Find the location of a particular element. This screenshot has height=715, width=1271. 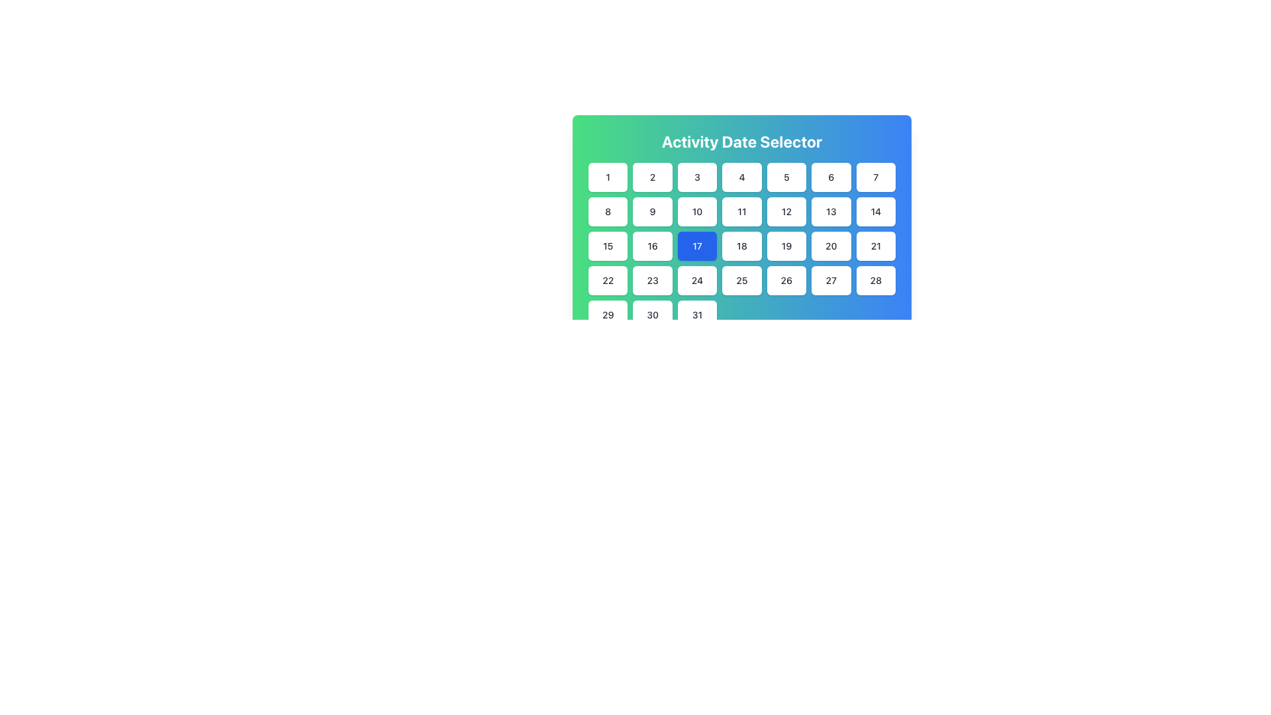

the button located in the fourth row and third column of the calendar grid is located at coordinates (696, 280).